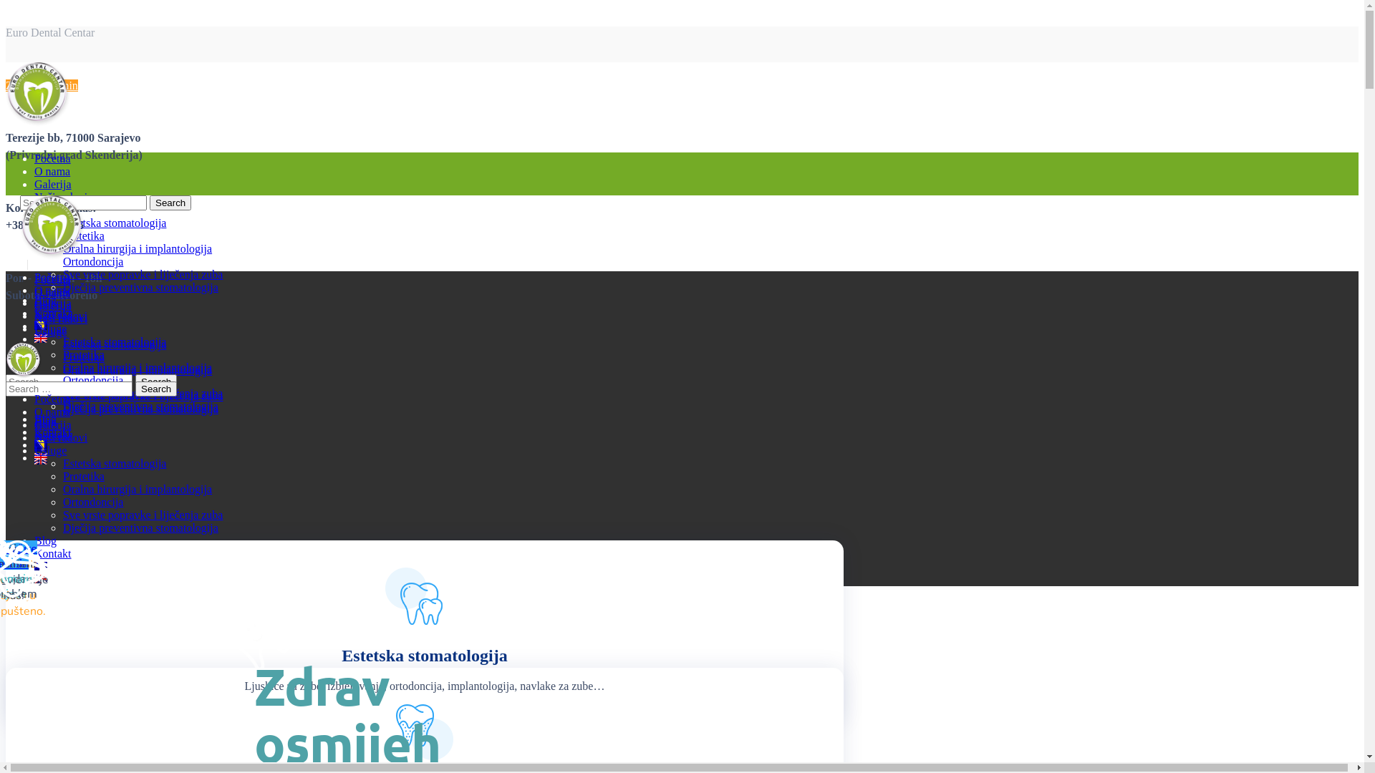  I want to click on 'Ortondoncija', so click(92, 379).